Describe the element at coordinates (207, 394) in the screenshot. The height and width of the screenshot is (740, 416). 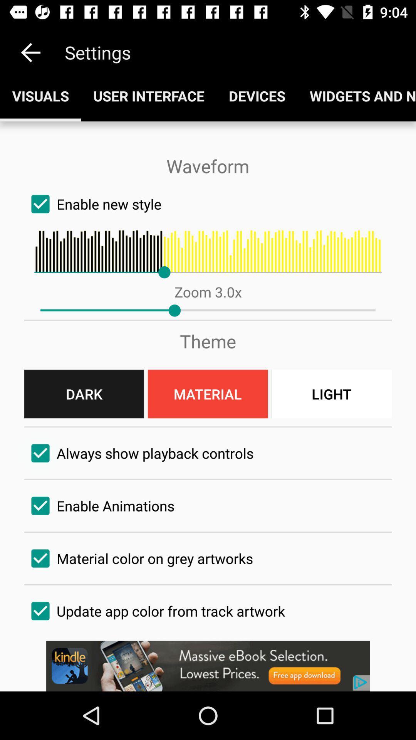
I see `the red color button` at that location.